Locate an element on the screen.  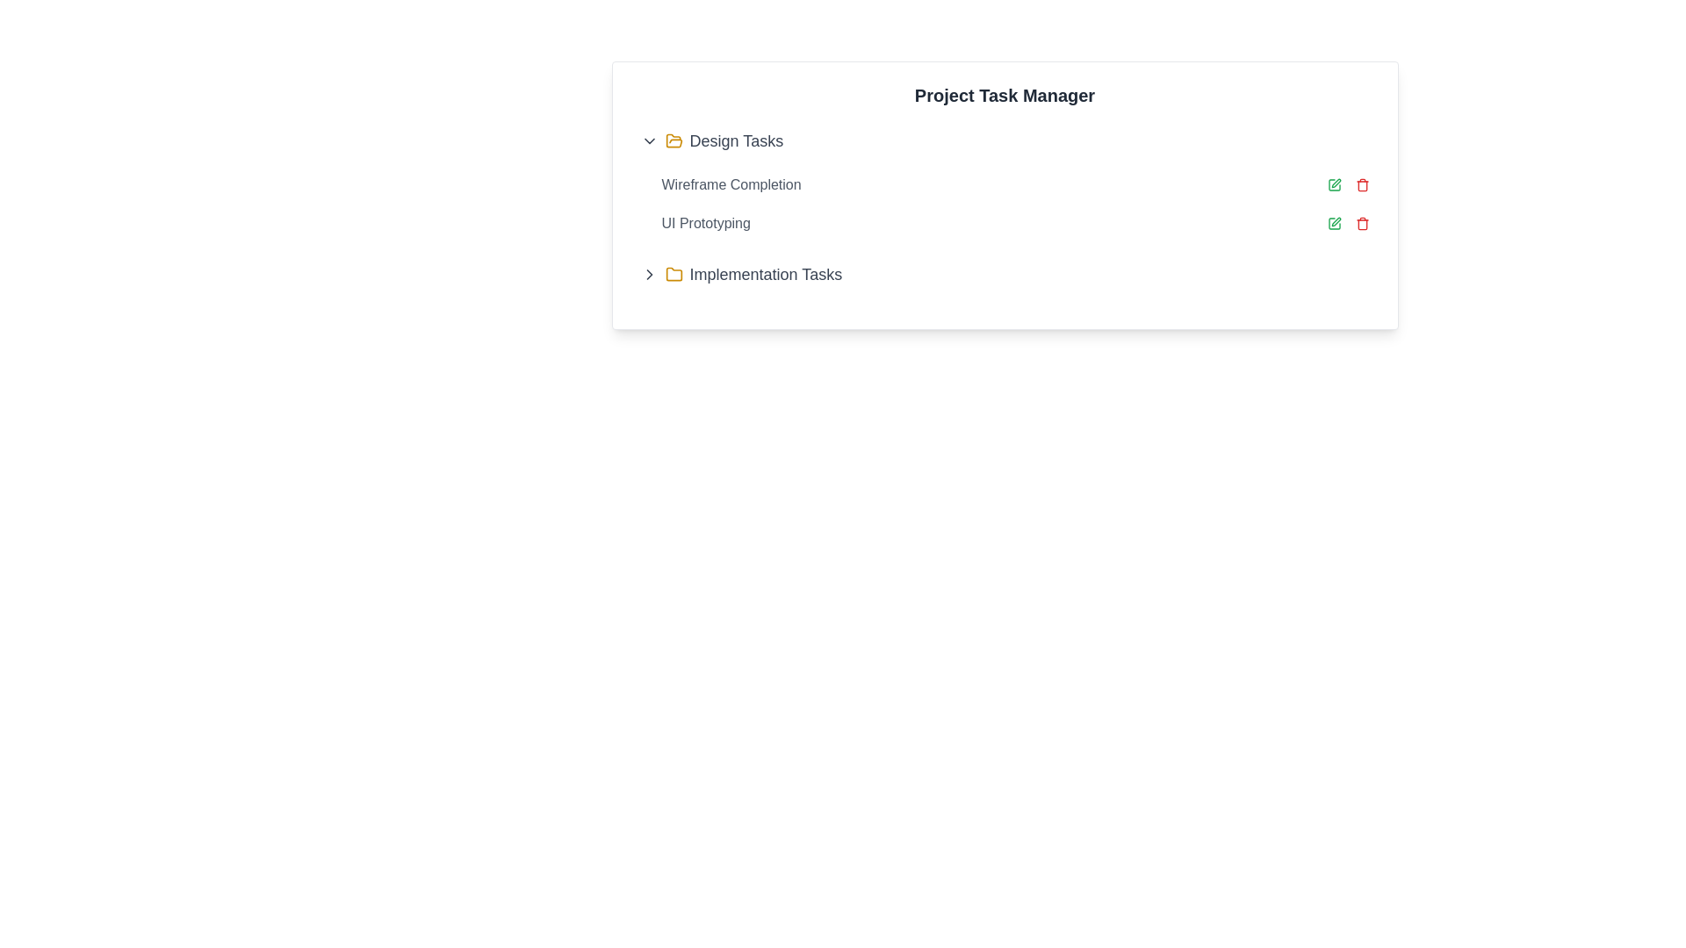
the 'Design Tasks' text label is located at coordinates (736, 140).